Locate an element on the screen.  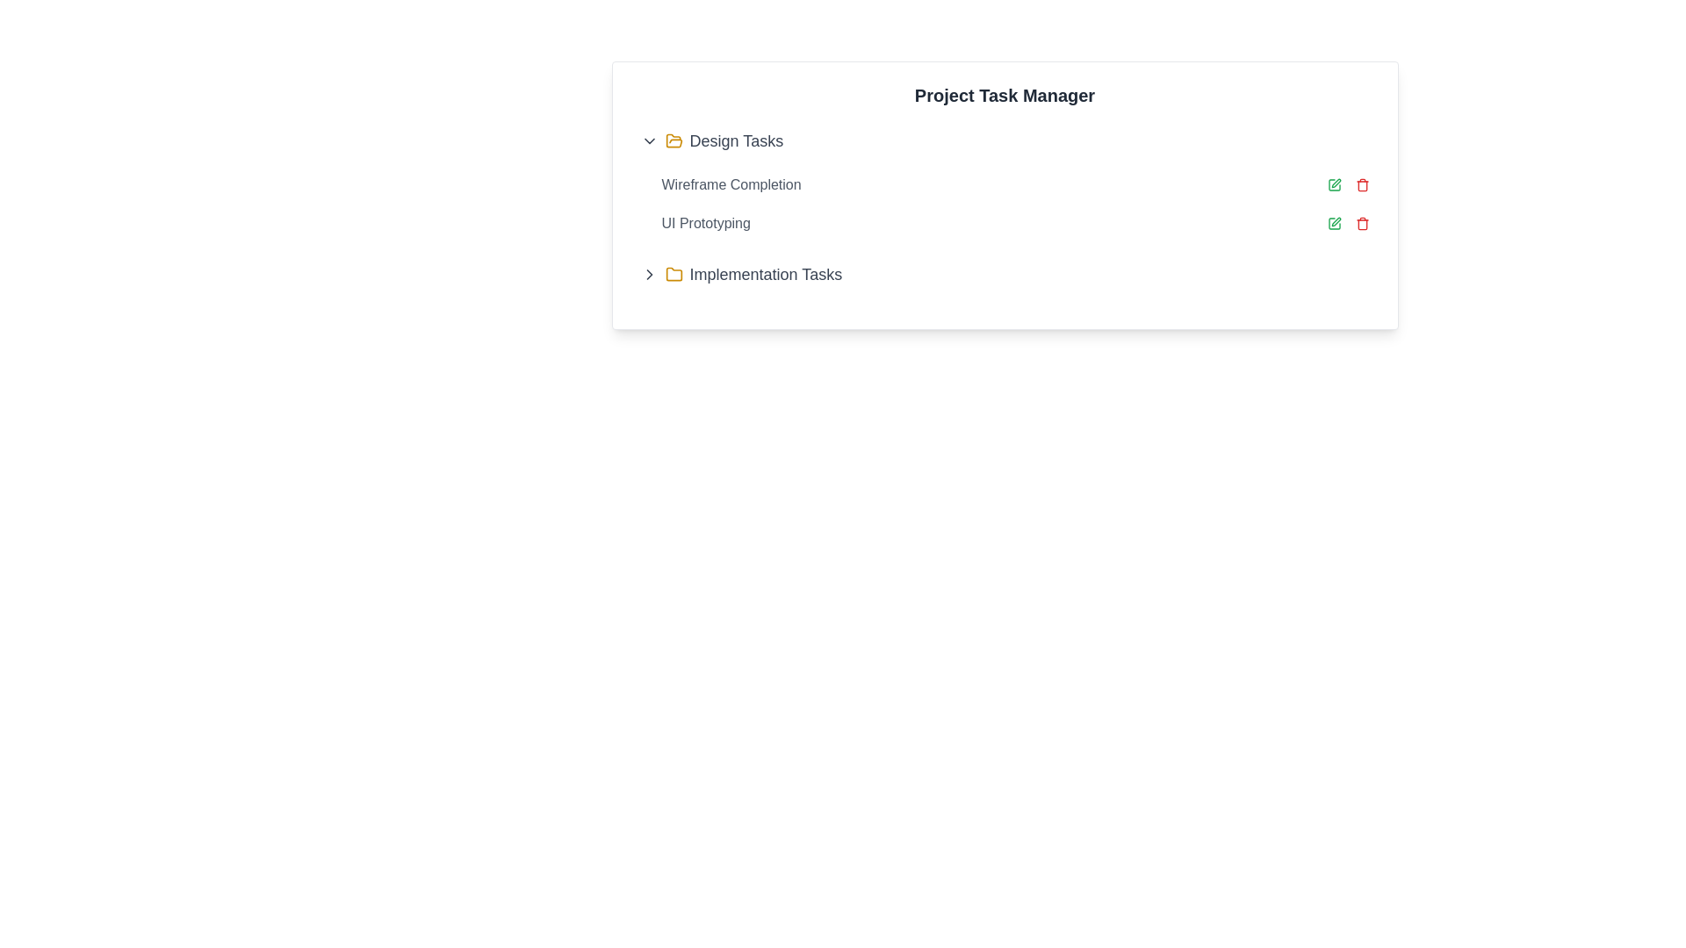
the 'Design Tasks' text label is located at coordinates (736, 140).